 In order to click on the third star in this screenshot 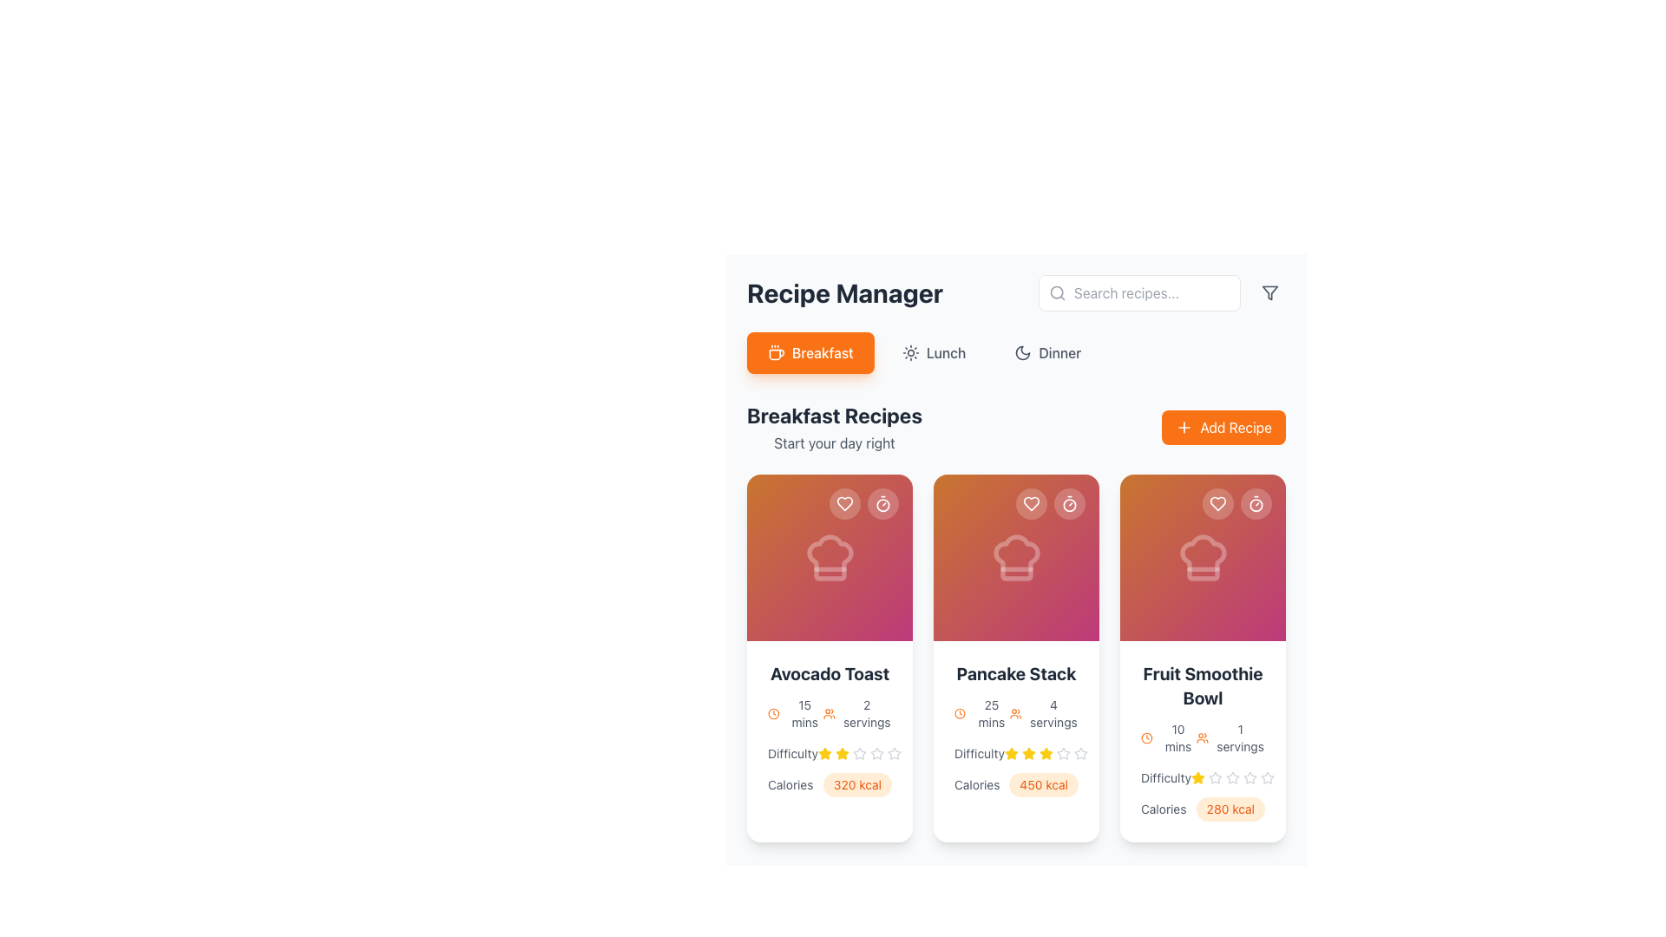, I will do `click(859, 752)`.